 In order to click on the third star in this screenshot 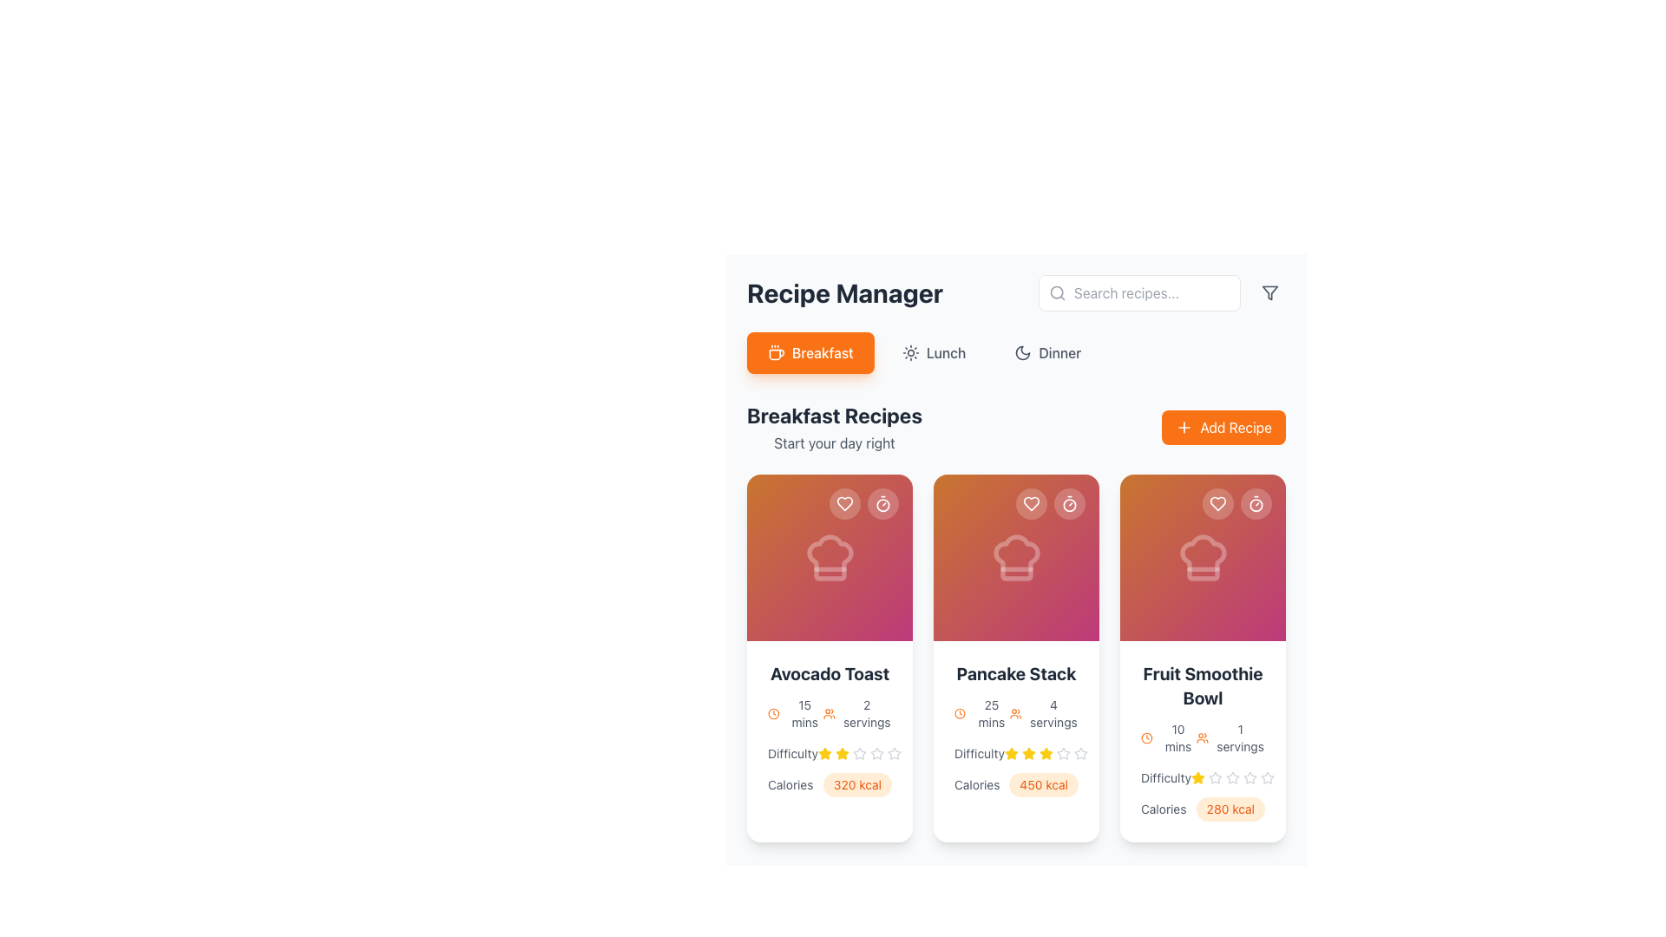, I will do `click(859, 752)`.